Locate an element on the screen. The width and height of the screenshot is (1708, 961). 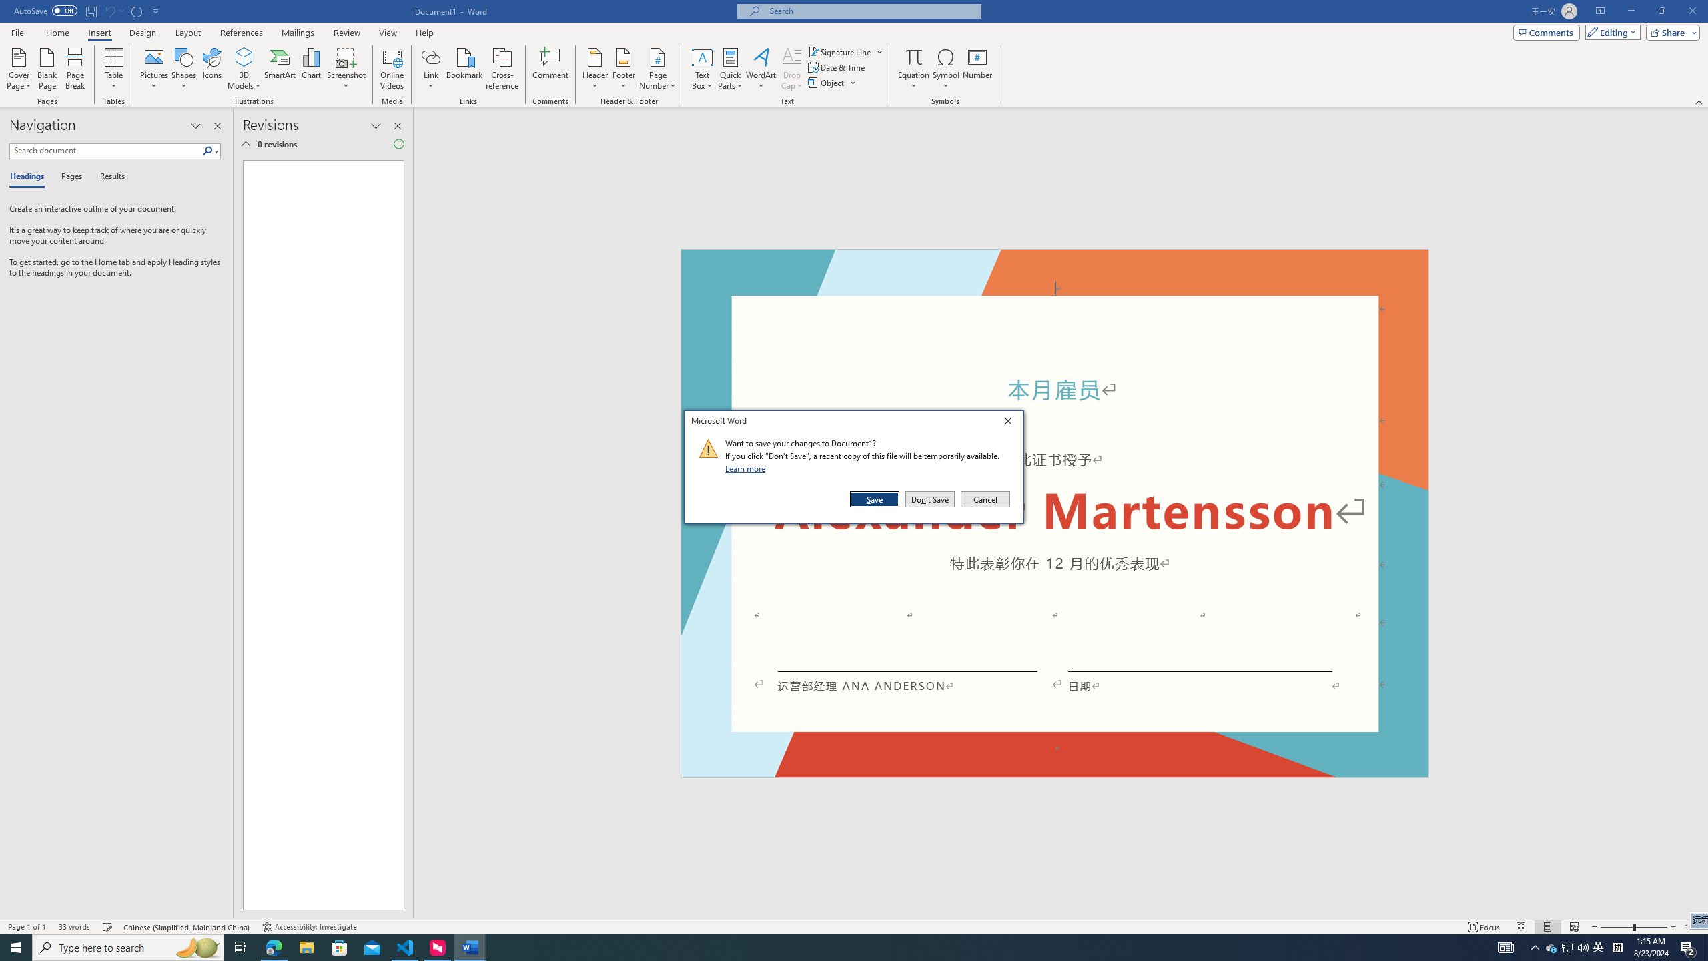
'Ribbon Display Options' is located at coordinates (1599, 11).